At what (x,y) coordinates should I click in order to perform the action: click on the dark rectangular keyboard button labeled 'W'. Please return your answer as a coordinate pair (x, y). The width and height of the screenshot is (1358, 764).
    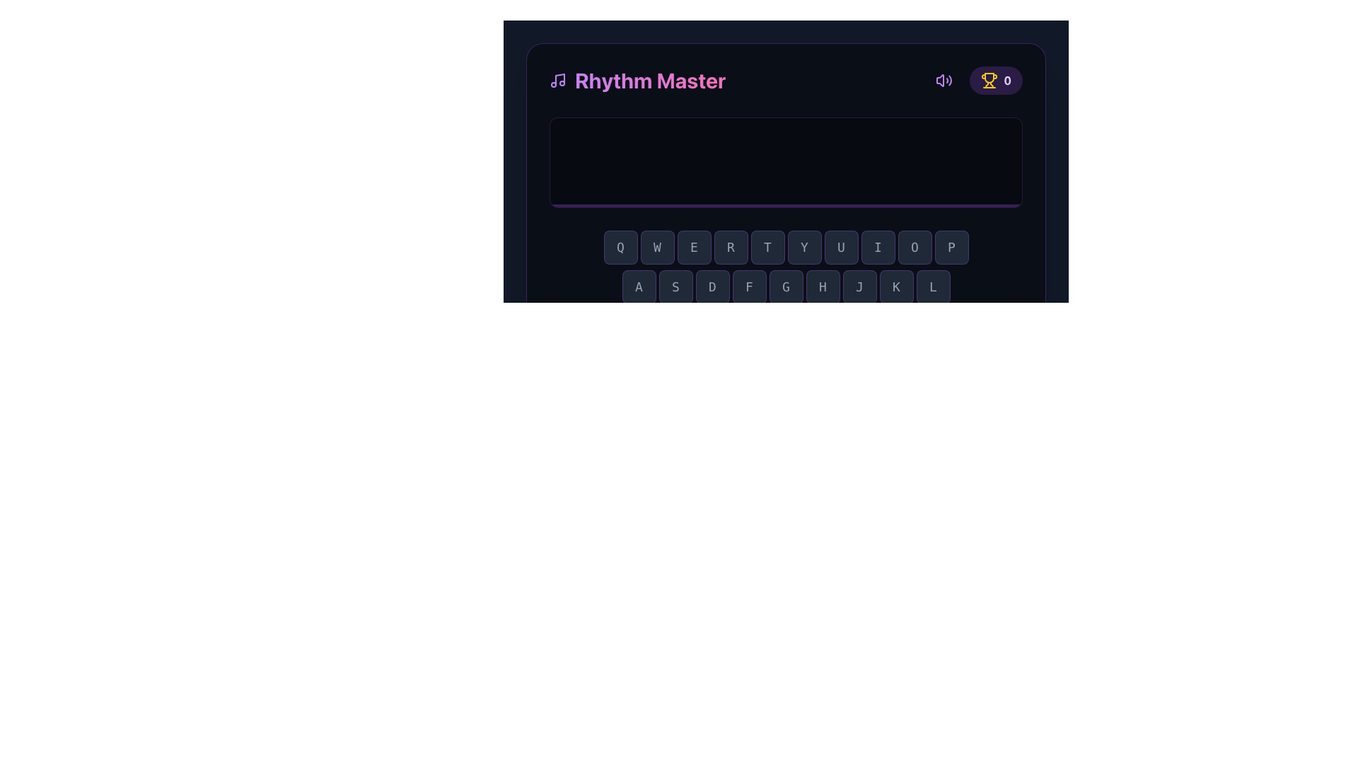
    Looking at the image, I should click on (656, 247).